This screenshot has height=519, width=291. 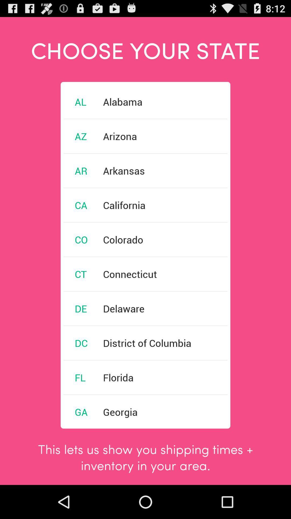 I want to click on de, so click(x=81, y=308).